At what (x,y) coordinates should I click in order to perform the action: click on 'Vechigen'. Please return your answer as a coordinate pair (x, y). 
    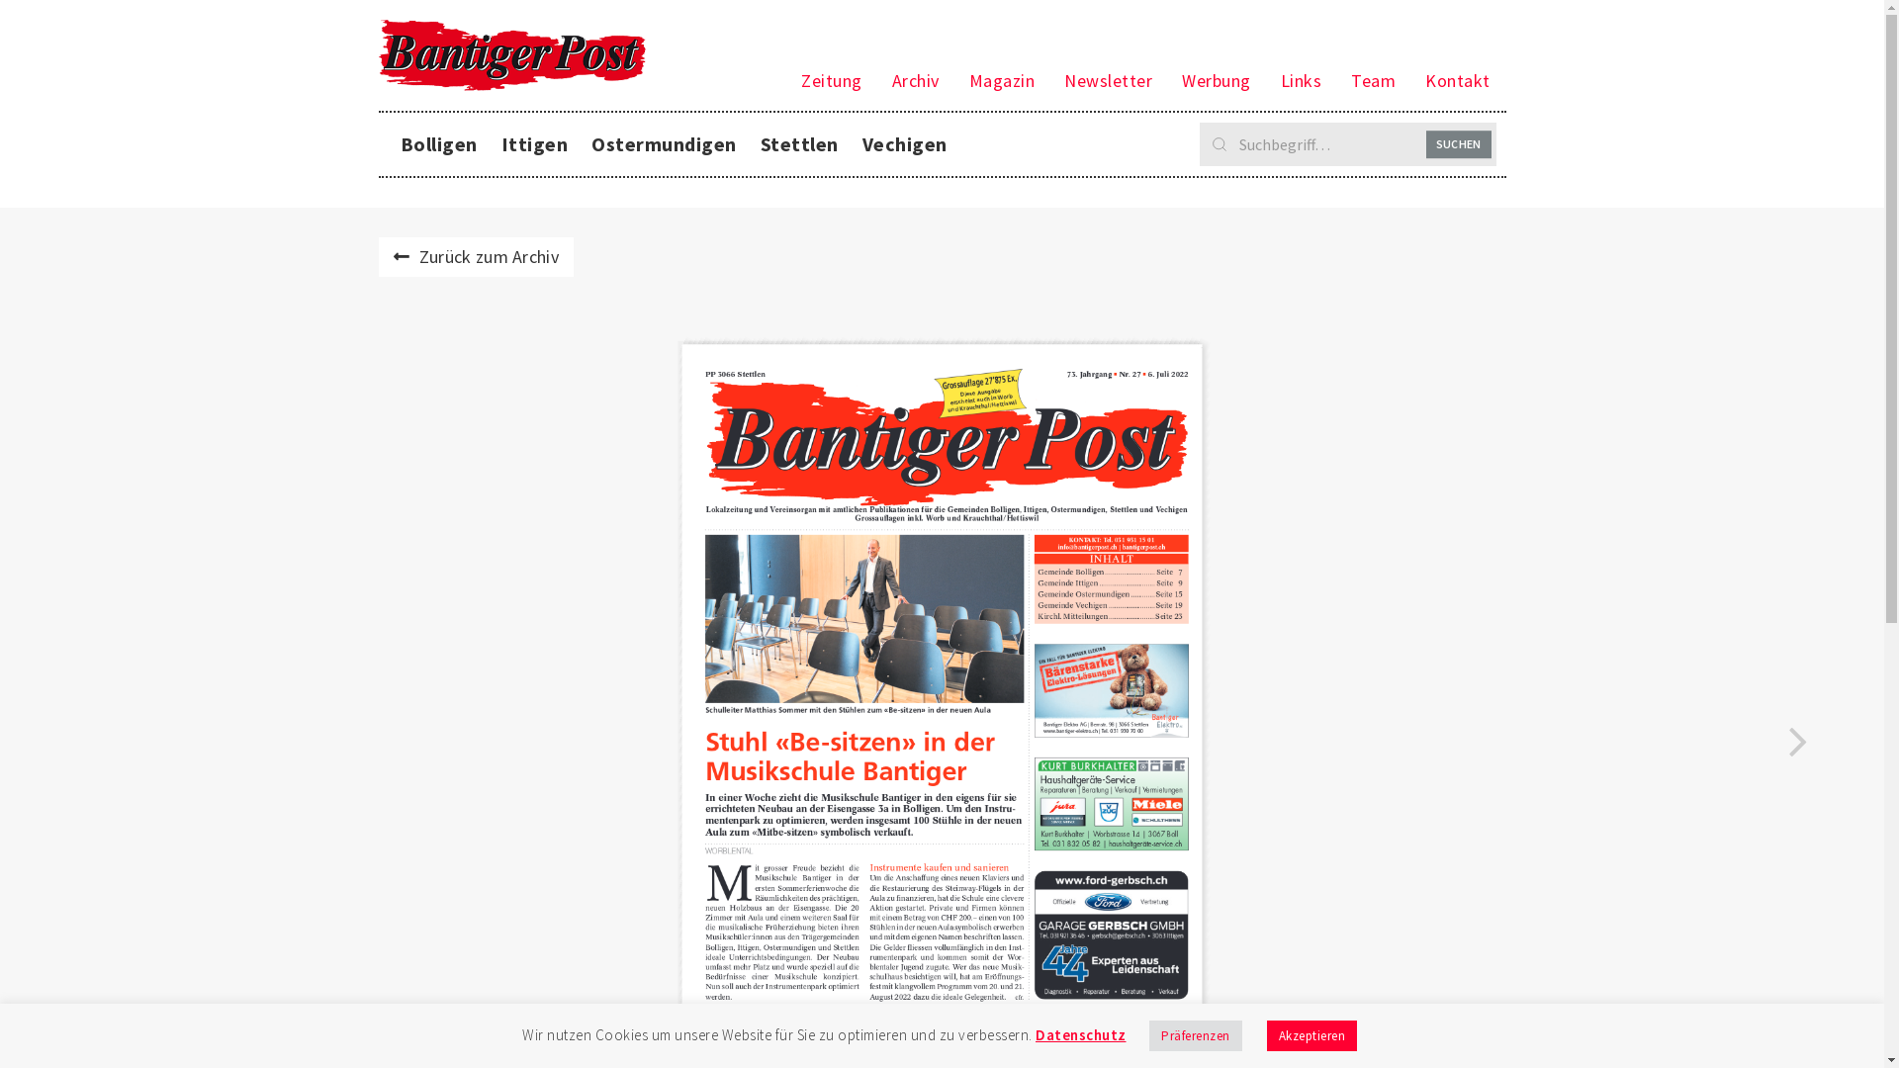
    Looking at the image, I should click on (904, 143).